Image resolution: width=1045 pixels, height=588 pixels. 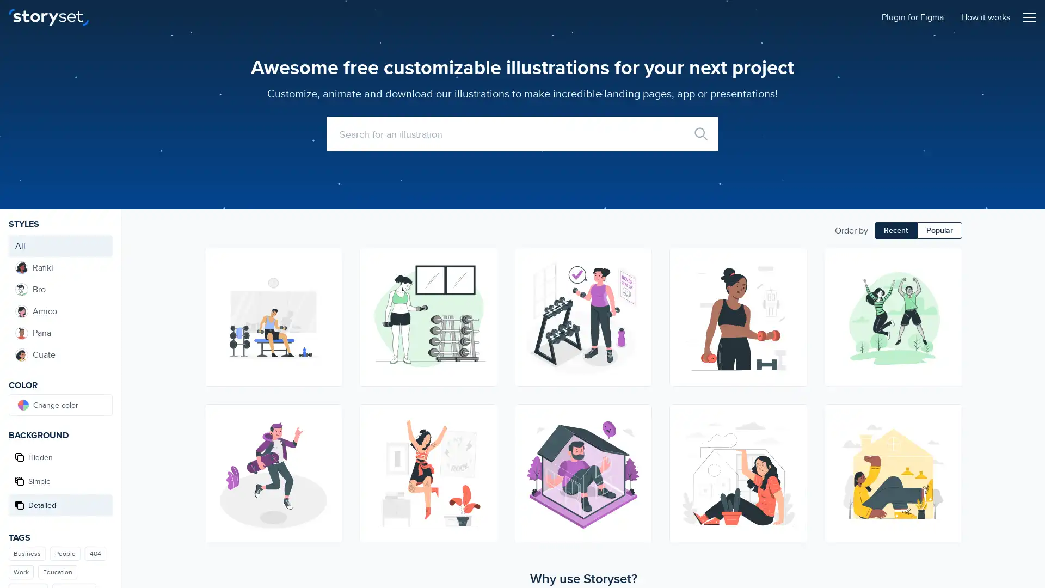 I want to click on wand icon Animate, so click(x=794, y=416).